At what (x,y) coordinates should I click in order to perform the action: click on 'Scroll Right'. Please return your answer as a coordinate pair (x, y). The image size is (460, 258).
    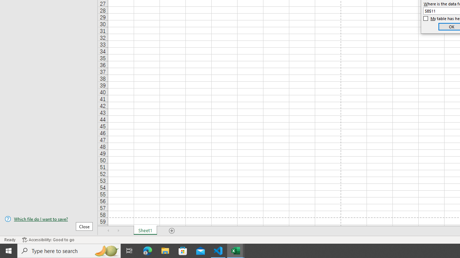
    Looking at the image, I should click on (119, 231).